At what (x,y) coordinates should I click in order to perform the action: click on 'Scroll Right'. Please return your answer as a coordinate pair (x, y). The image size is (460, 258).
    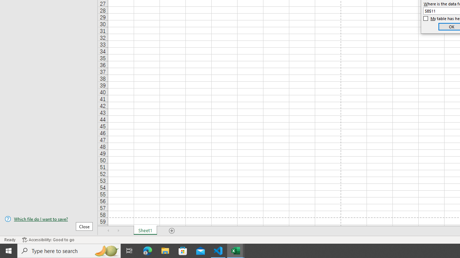
    Looking at the image, I should click on (119, 231).